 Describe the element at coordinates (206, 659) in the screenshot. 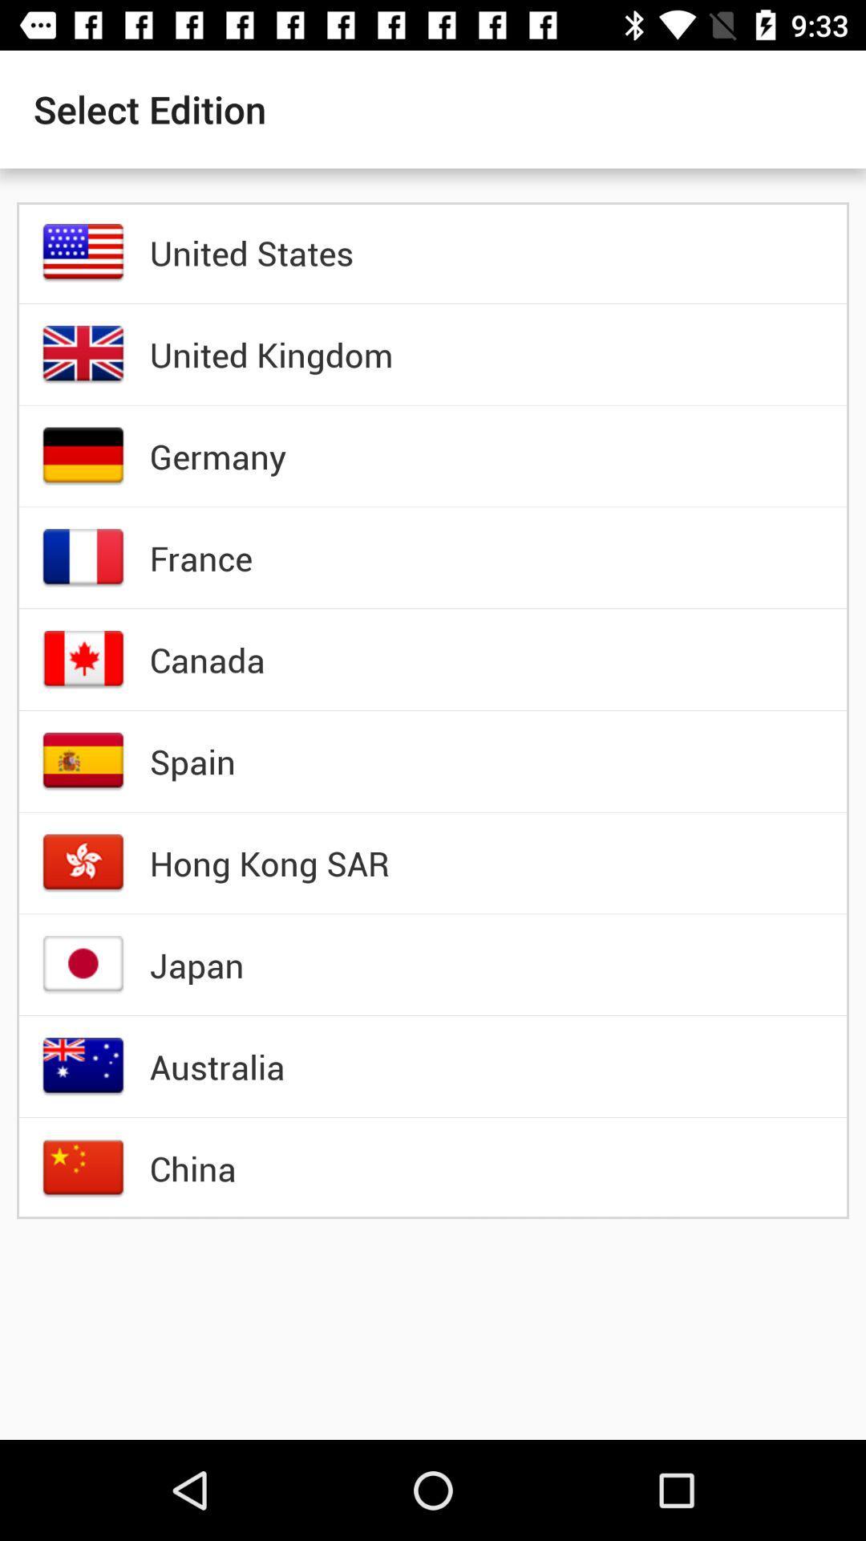

I see `the item below france item` at that location.